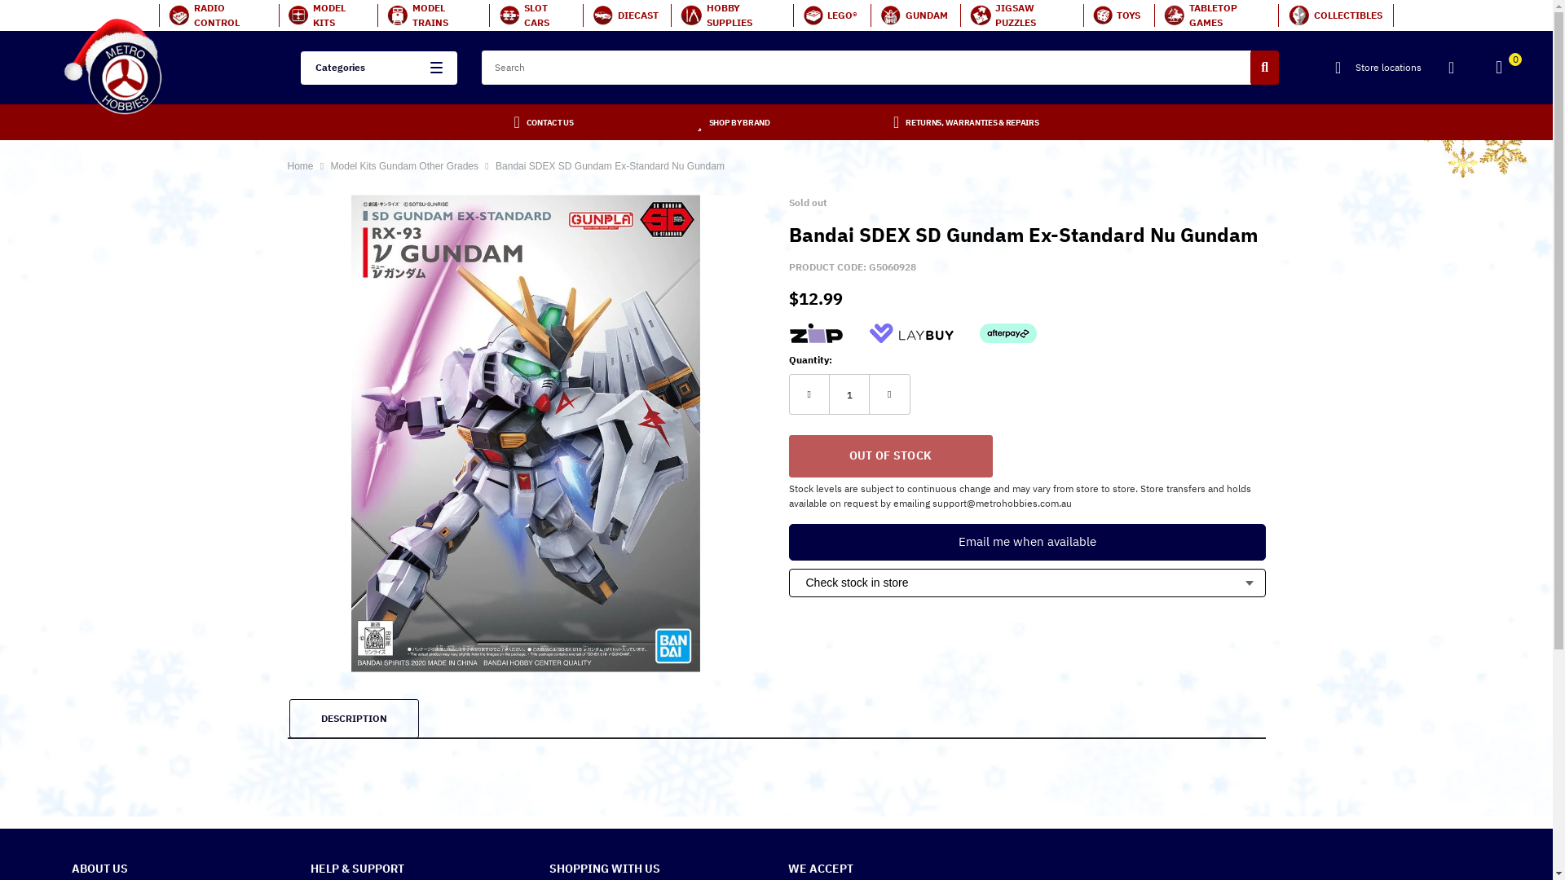 Image resolution: width=1565 pixels, height=880 pixels. I want to click on 'RETURNS, WARRANTIES & REPAIRS', so click(972, 121).